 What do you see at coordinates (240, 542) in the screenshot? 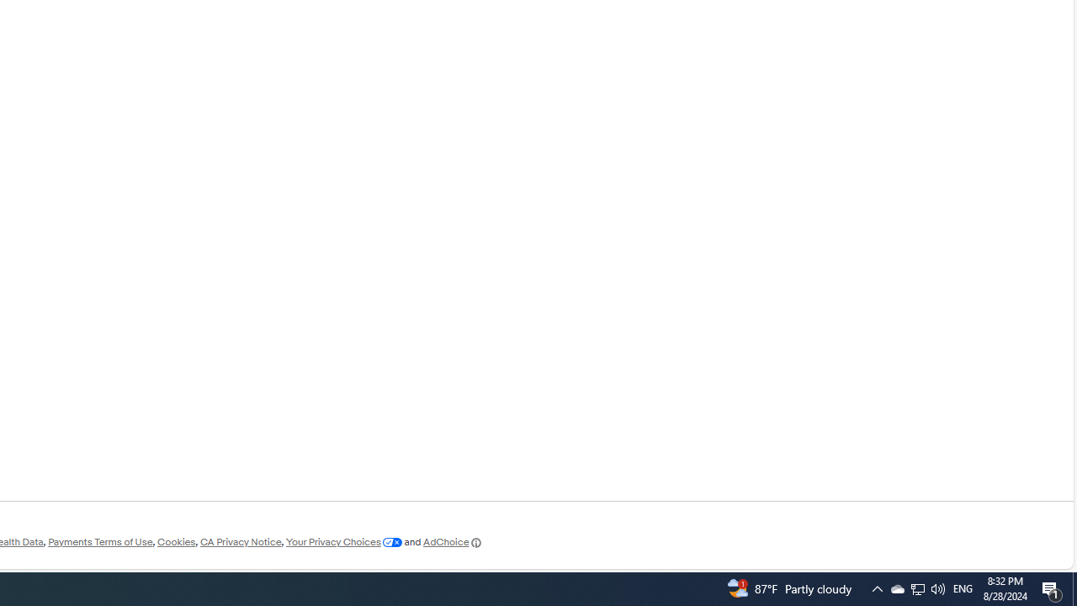
I see `'CA Privacy Notice'` at bounding box center [240, 542].